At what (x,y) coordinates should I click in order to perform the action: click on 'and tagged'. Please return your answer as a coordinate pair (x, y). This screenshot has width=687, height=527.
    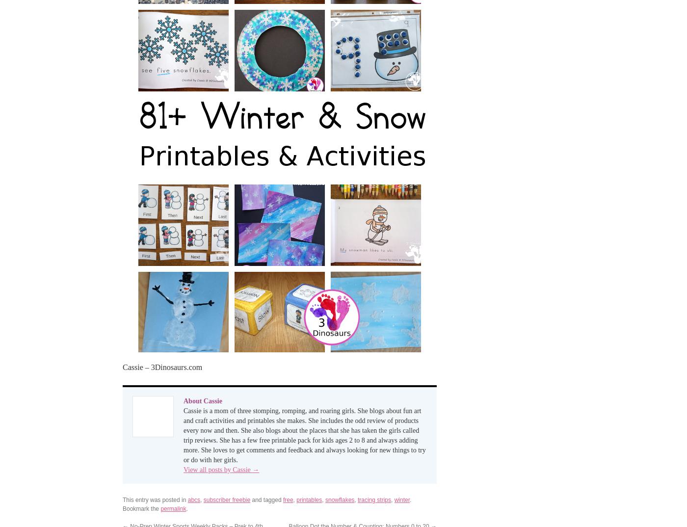
    Looking at the image, I should click on (266, 499).